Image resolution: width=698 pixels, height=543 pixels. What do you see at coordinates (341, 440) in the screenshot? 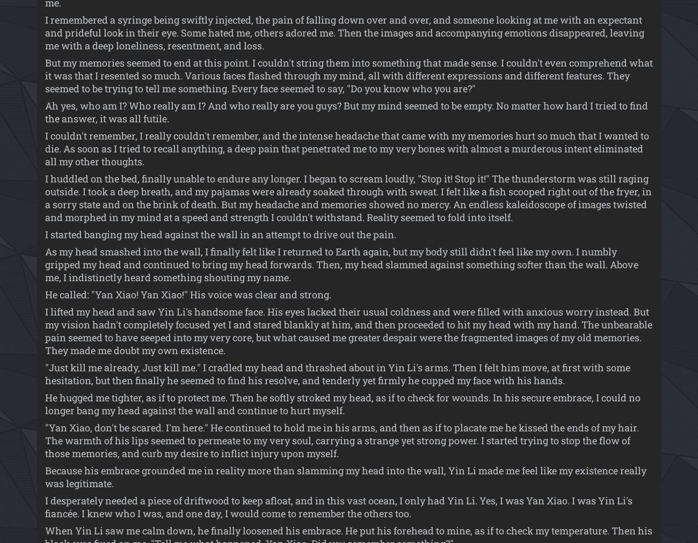
I see `'"Yan Xiao, don't be scared. I'm here." He continued to hold me in his arms, and then as if to placate me he kissed the ends of my hair. The warmth of his lips seemed to permeate to my very soul, carrying a strange yet strong power. I started trying to stop the flow of those memories, and curb my desire to inflict injury upon myself.'` at bounding box center [341, 440].